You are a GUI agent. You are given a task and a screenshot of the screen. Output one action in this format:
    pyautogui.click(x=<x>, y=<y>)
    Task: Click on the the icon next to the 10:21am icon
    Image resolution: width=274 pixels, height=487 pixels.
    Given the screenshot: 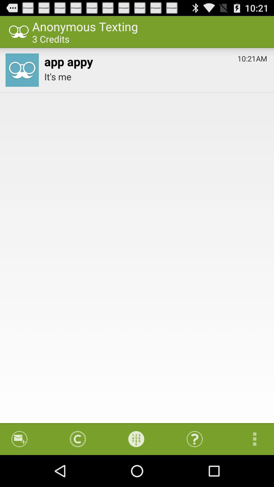 What is the action you would take?
    pyautogui.click(x=68, y=60)
    